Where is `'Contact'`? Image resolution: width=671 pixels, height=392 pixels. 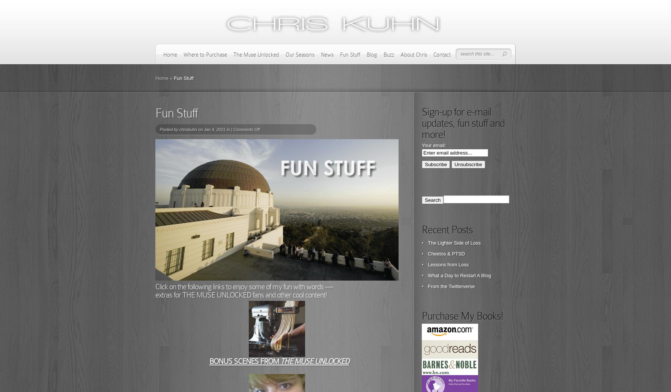 'Contact' is located at coordinates (441, 54).